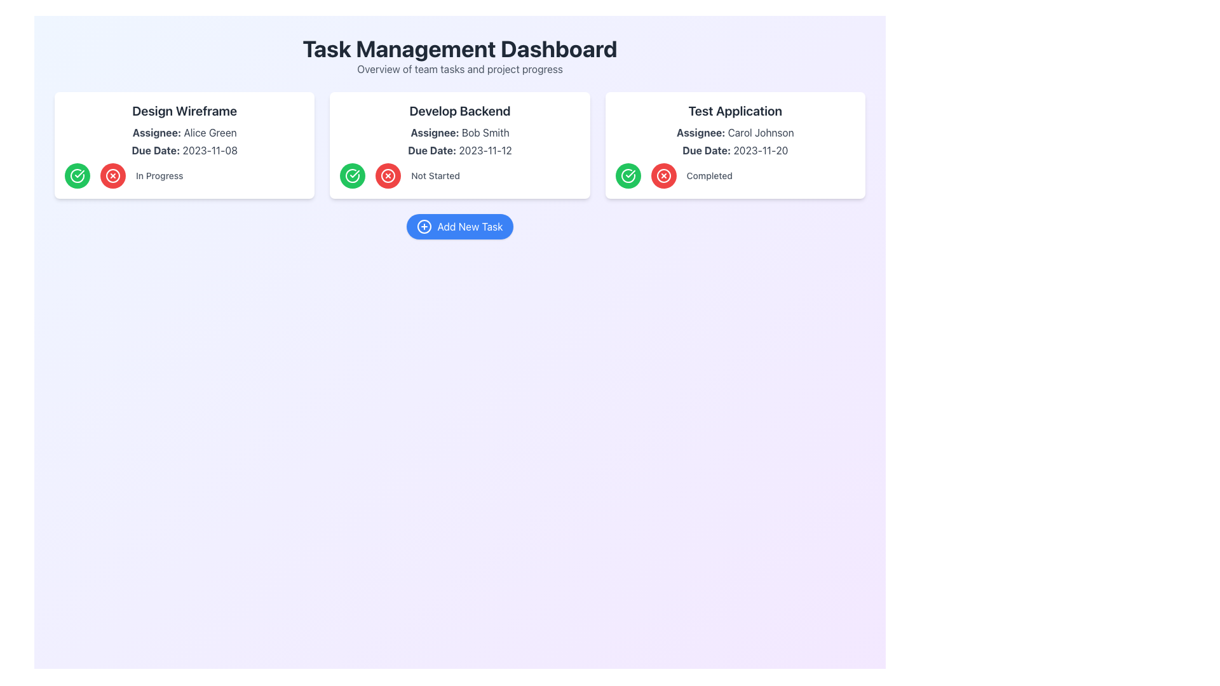 Image resolution: width=1220 pixels, height=686 pixels. What do you see at coordinates (708, 176) in the screenshot?
I see `the Text Label displaying the current status of the associated task as 'Completed', located at the bottom-right corner of the 'Test Application' card` at bounding box center [708, 176].